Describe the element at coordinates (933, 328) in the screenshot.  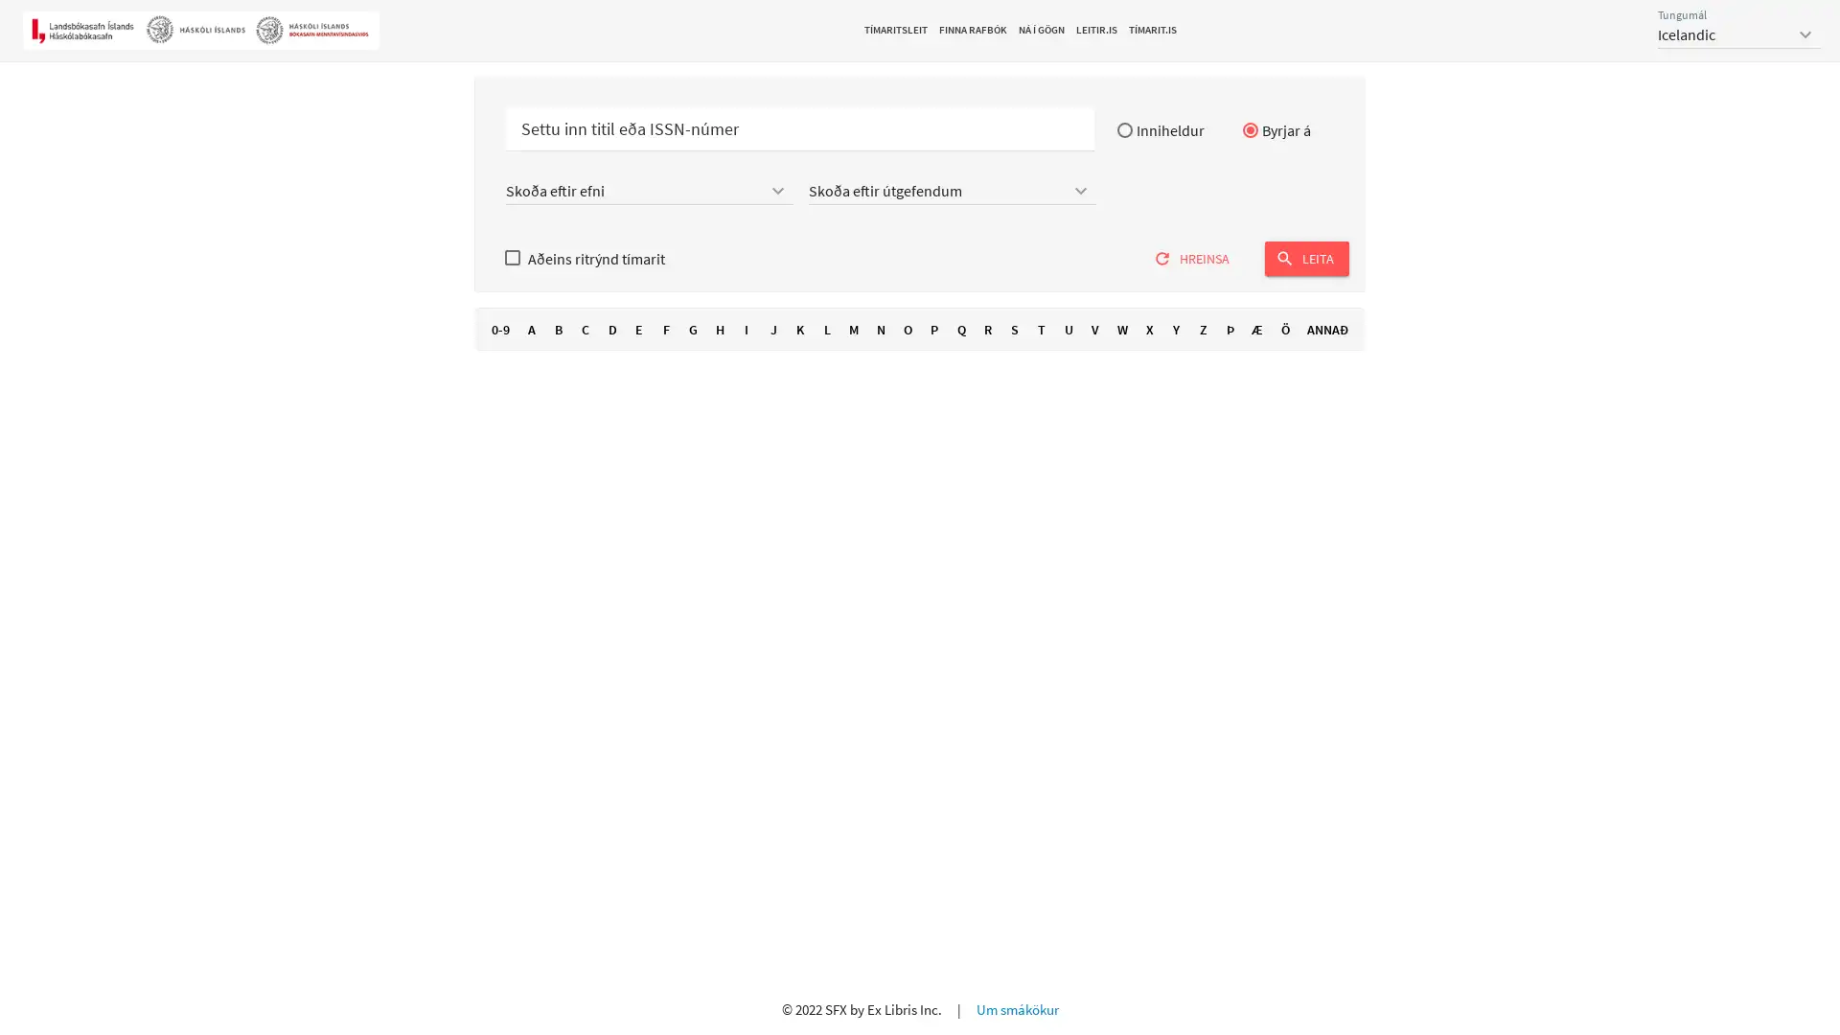
I see `P` at that location.